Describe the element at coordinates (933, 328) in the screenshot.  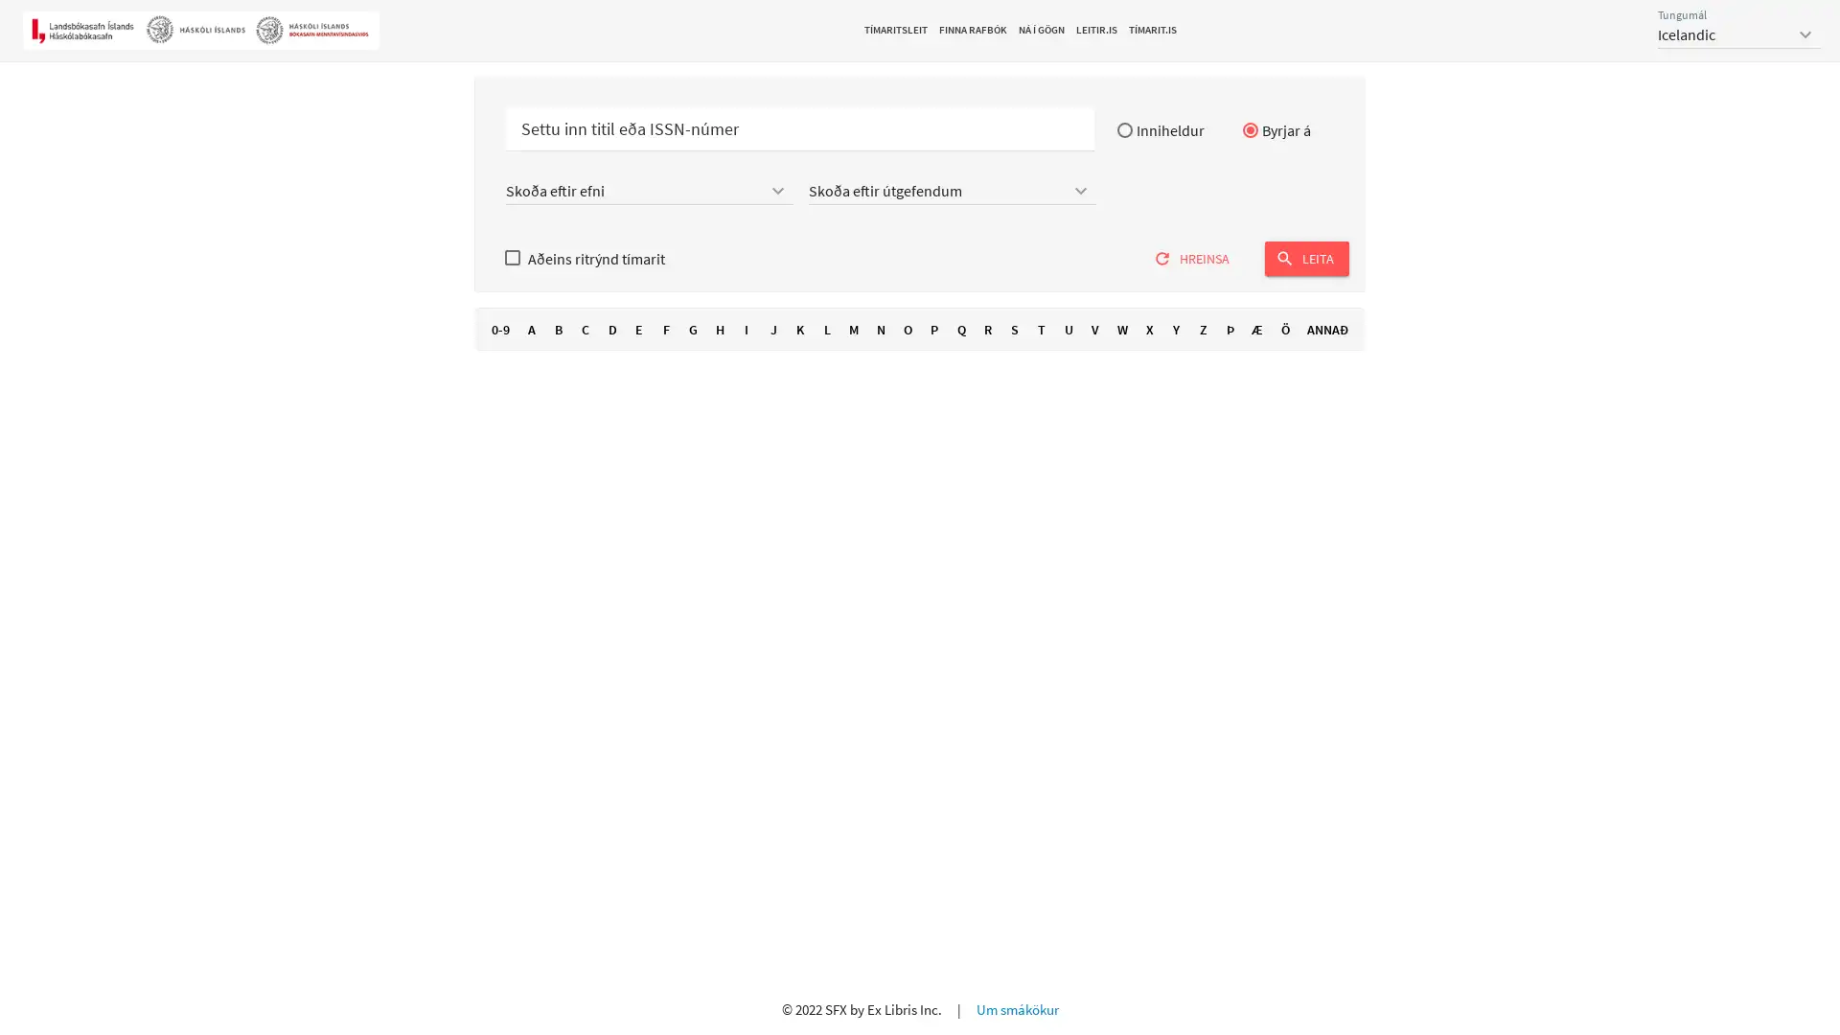
I see `P` at that location.